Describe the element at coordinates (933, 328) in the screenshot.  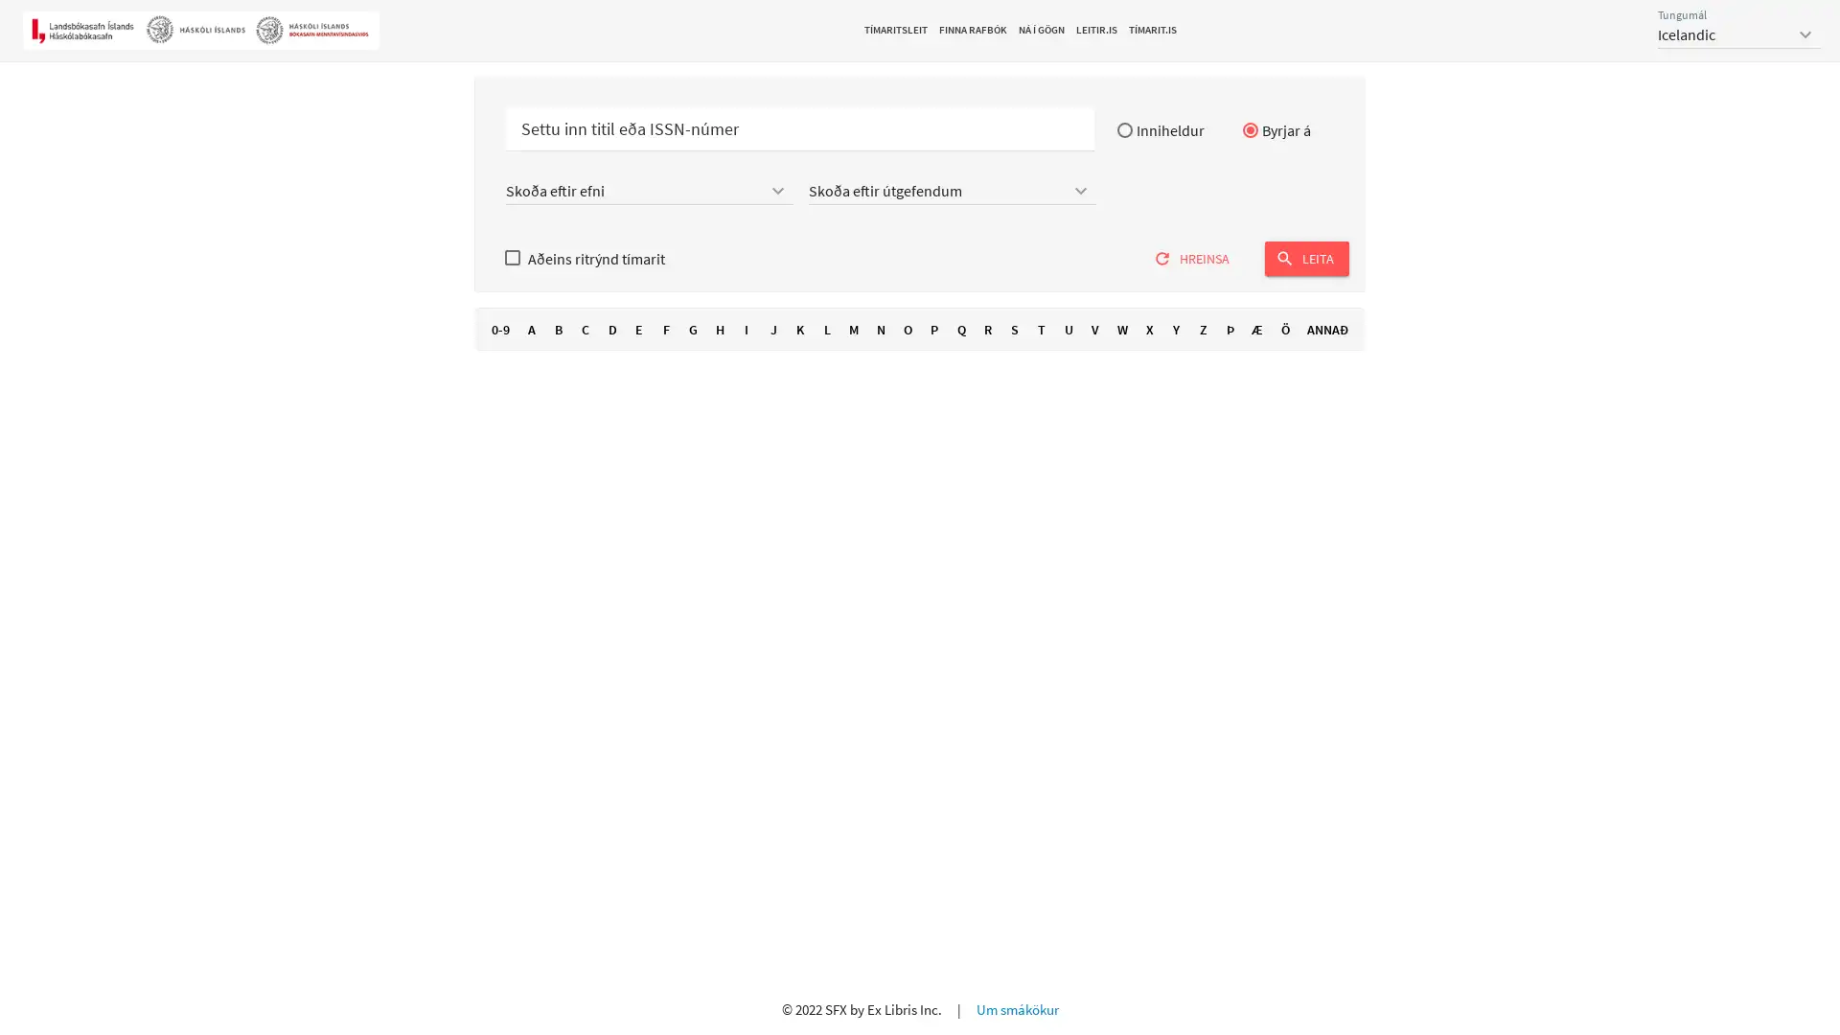
I see `P` at that location.